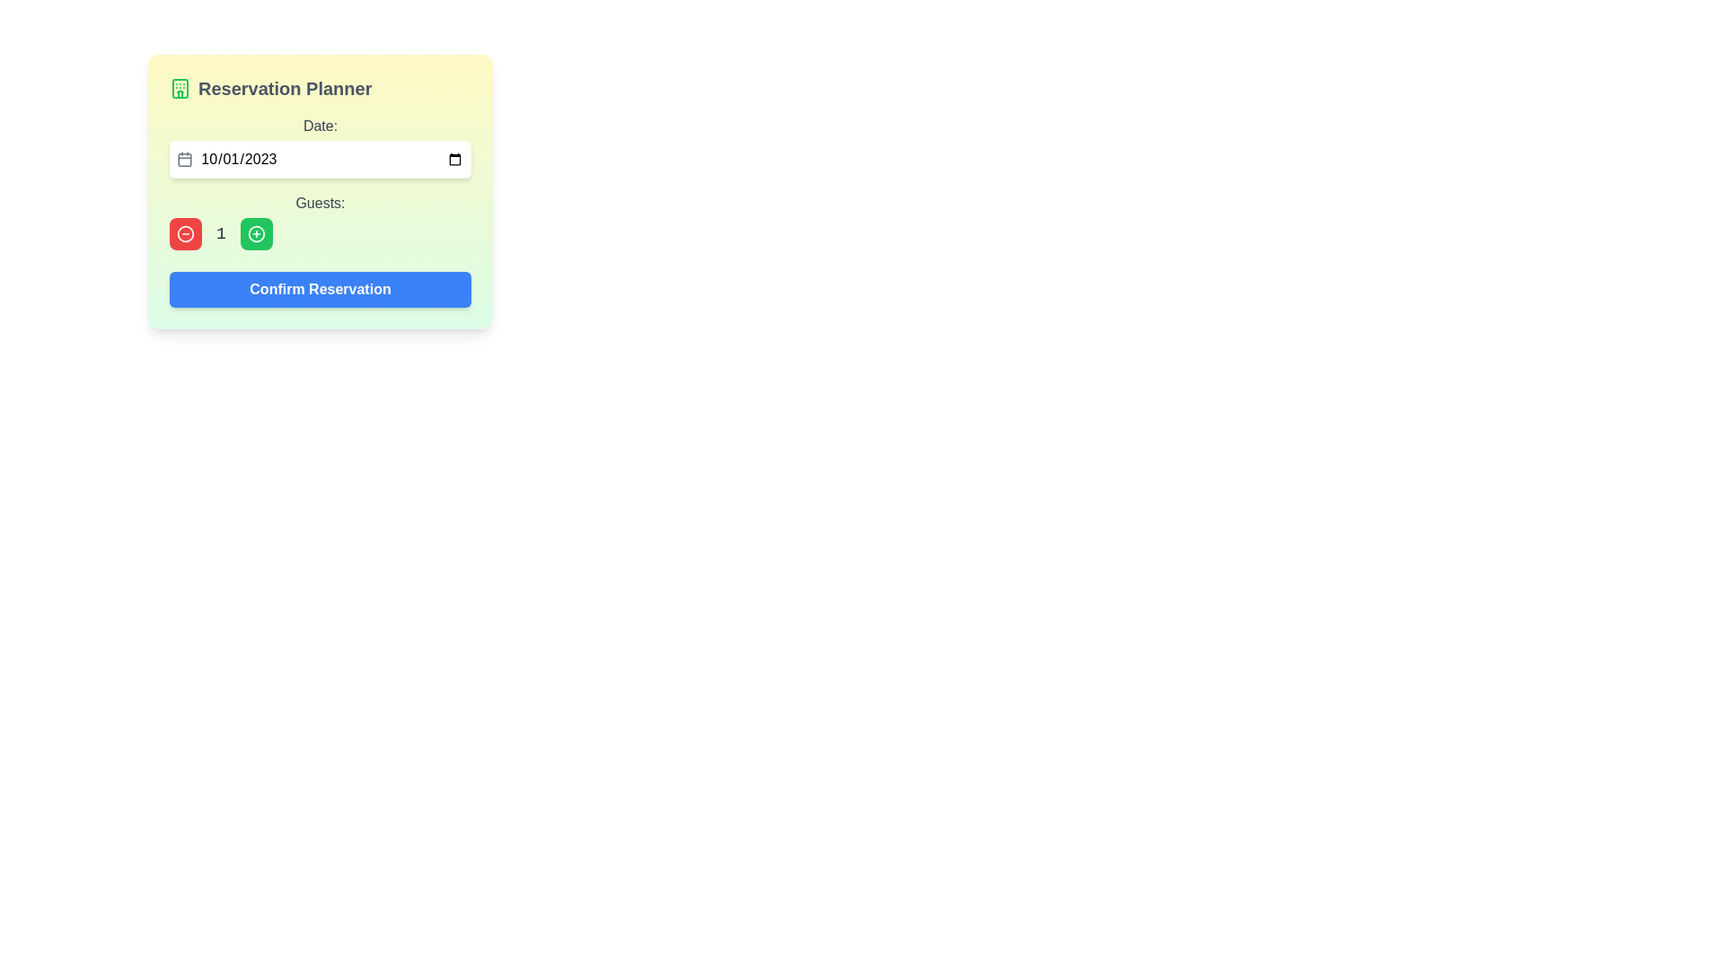  What do you see at coordinates (185, 158) in the screenshot?
I see `the calendar icon, which is styled in light gray and located to the left of the date input field labeled 'Date:' in the 'Reservation Planner' card` at bounding box center [185, 158].